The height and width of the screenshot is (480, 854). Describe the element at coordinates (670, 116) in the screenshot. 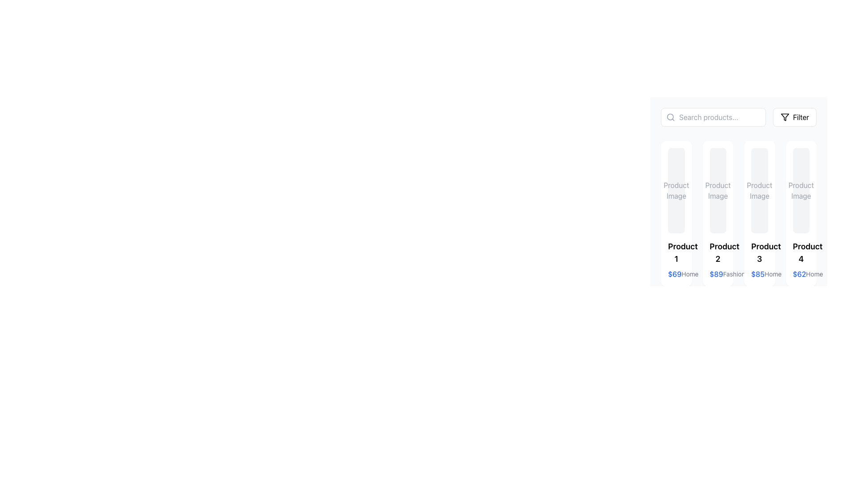

I see `the circular part of the search icon represented in SVG format, located at the top-left corner of the icon` at that location.